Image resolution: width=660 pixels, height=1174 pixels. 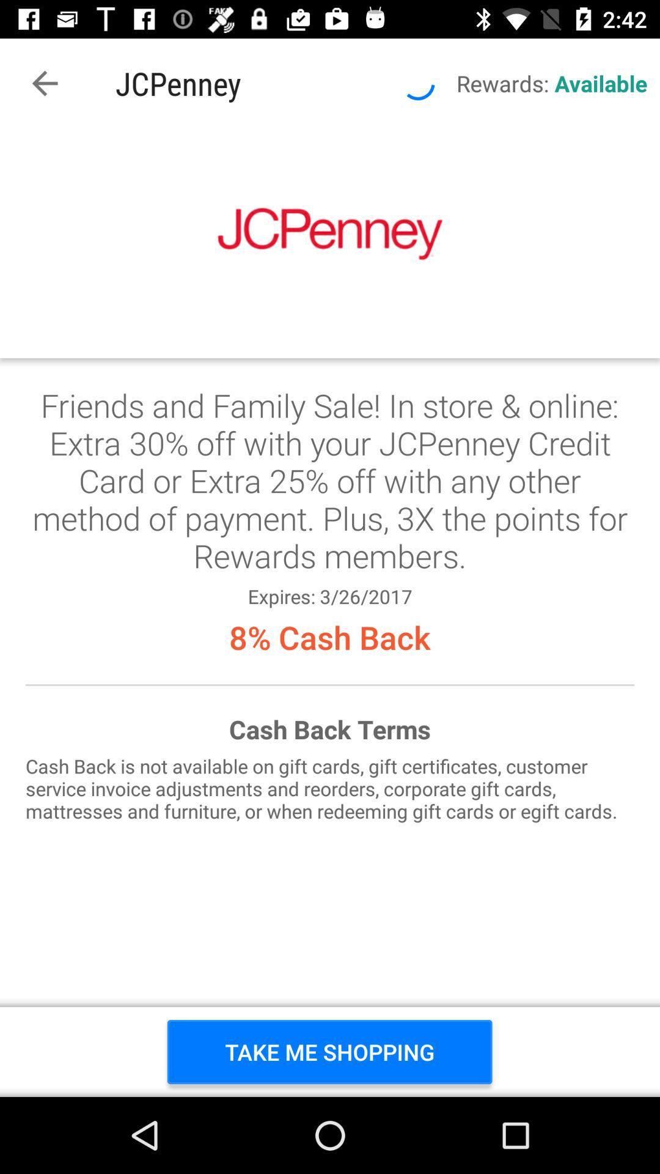 What do you see at coordinates (329, 1051) in the screenshot?
I see `take me shopping item` at bounding box center [329, 1051].